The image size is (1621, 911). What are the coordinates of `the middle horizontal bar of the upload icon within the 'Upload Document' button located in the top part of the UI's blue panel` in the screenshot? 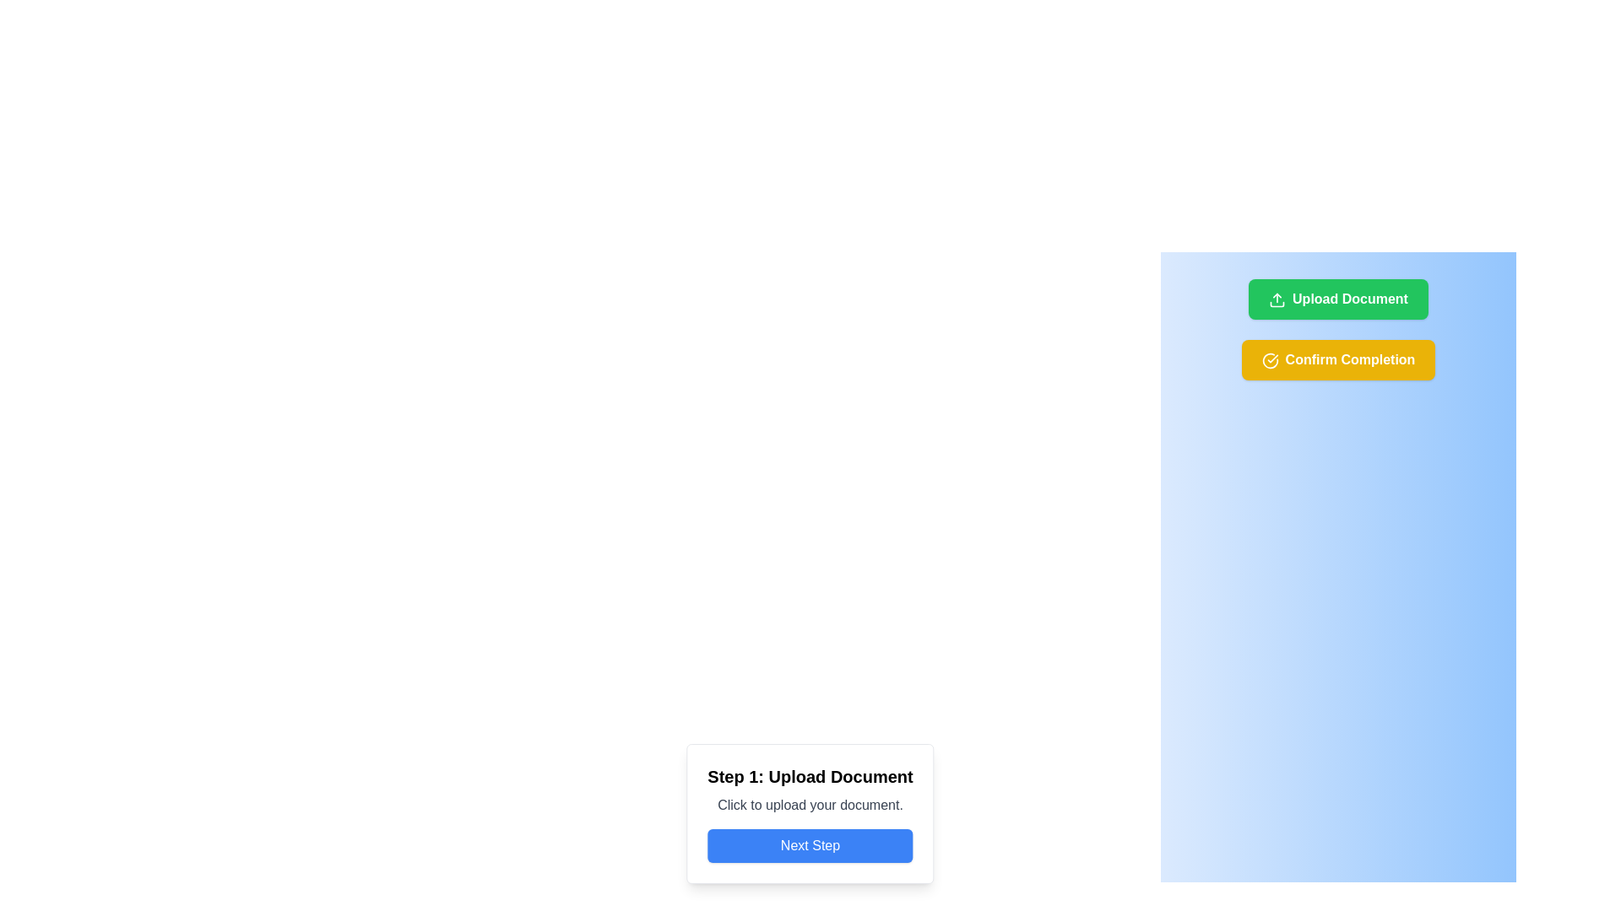 It's located at (1277, 304).